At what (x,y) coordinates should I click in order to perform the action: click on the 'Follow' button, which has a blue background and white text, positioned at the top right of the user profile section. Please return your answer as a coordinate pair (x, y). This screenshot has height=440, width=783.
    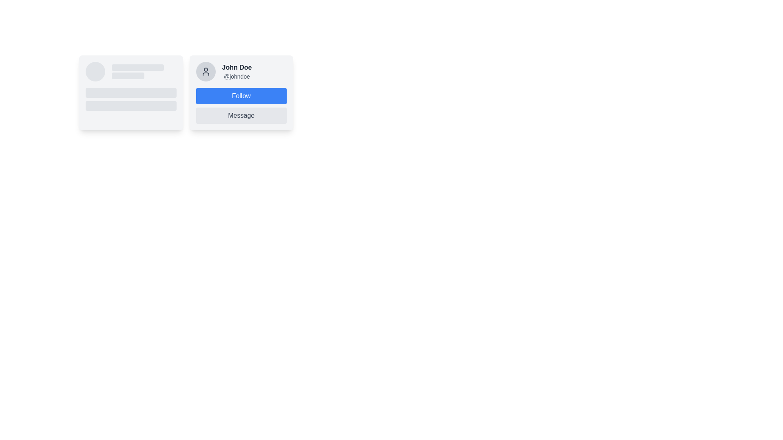
    Looking at the image, I should click on (241, 95).